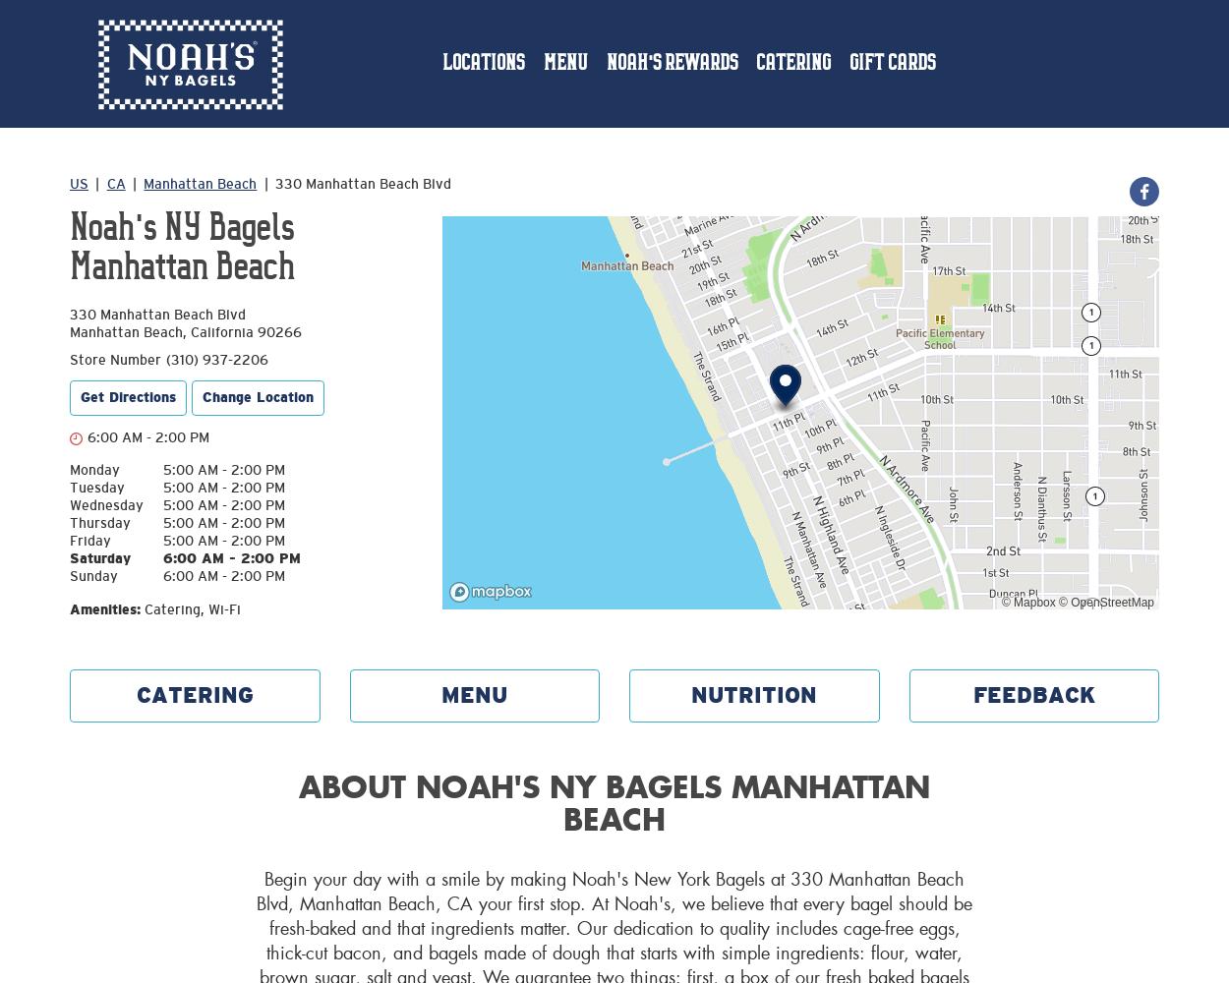  What do you see at coordinates (792, 61) in the screenshot?
I see `'Catering'` at bounding box center [792, 61].